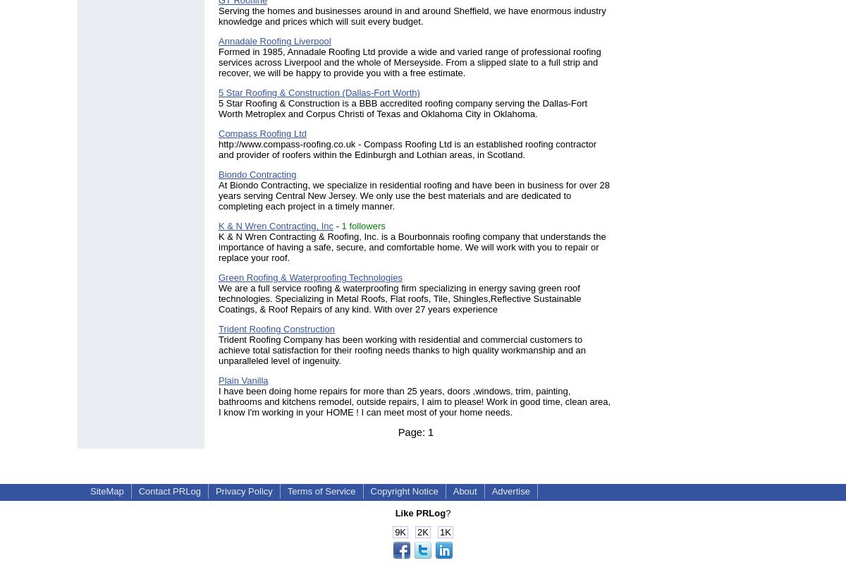 This screenshot has width=846, height=582. Describe the element at coordinates (276, 328) in the screenshot. I see `'Trident Roofing Construction'` at that location.